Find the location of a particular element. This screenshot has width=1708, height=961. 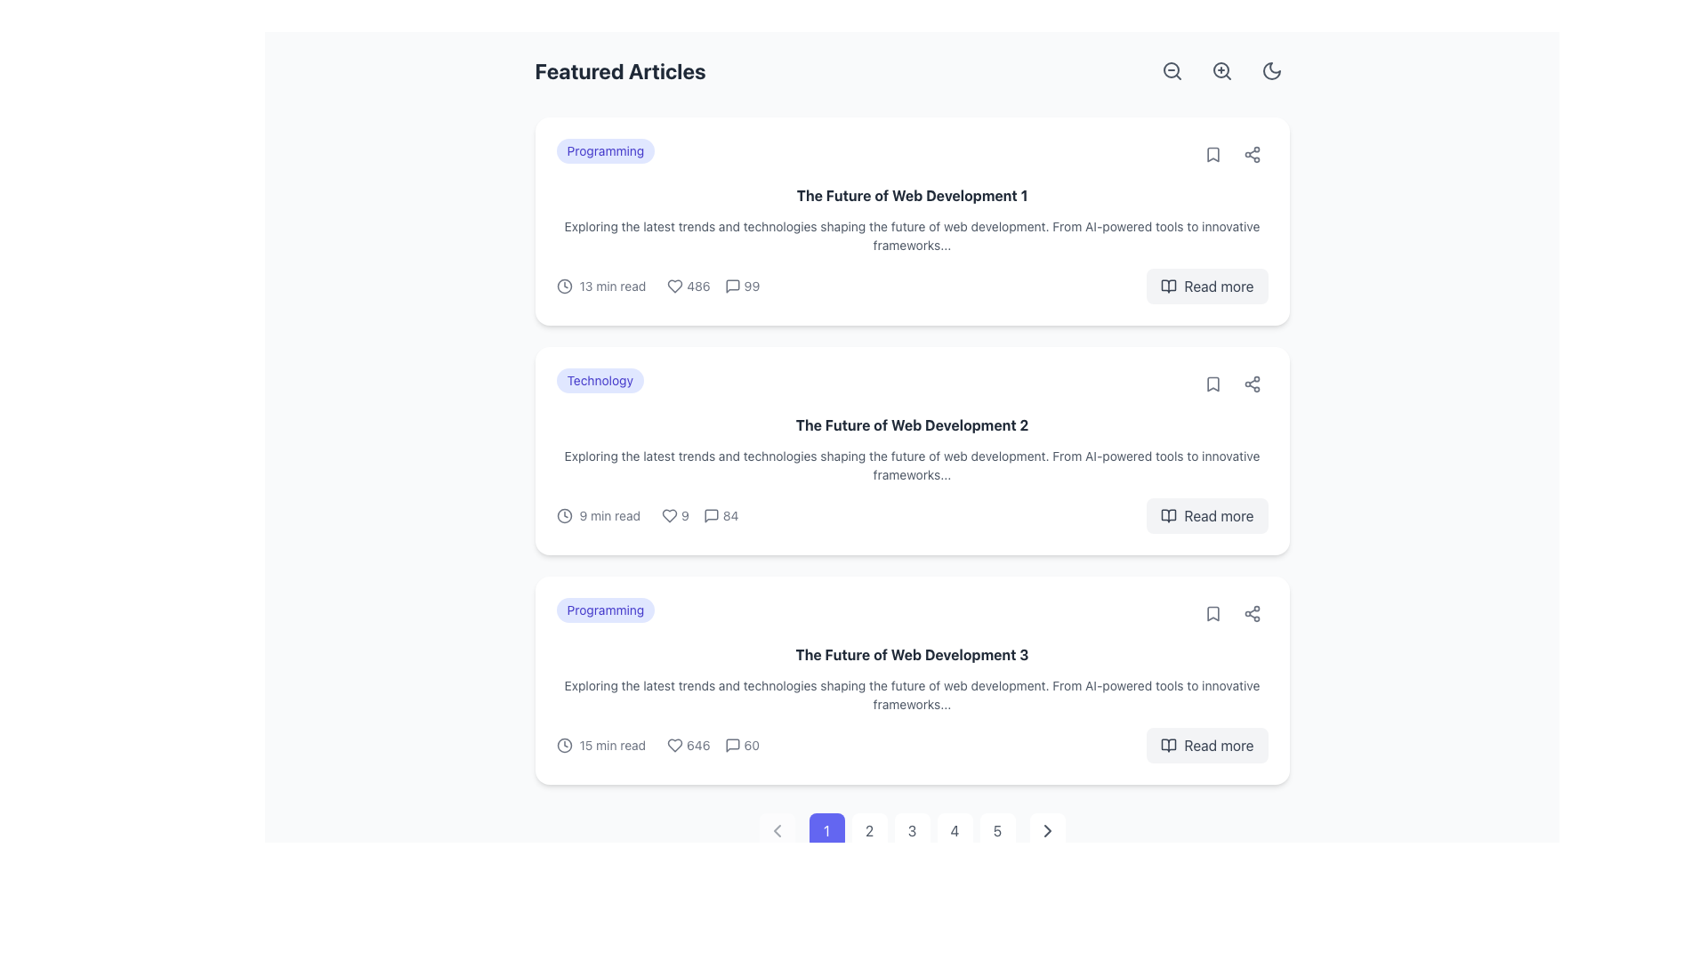

the share button located in the top-right corner of the card for the article 'The Future of Web Development 2', positioned between the bookmark icon and the edge of the card is located at coordinates (1251, 384).